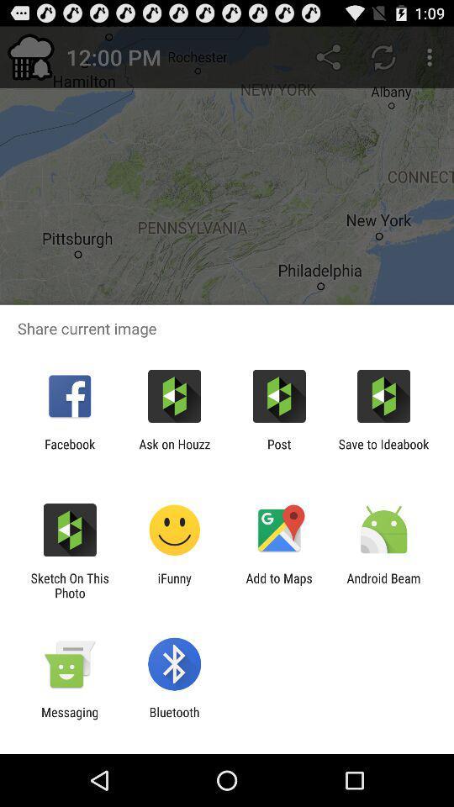 The image size is (454, 807). I want to click on ask on houzz app, so click(173, 451).